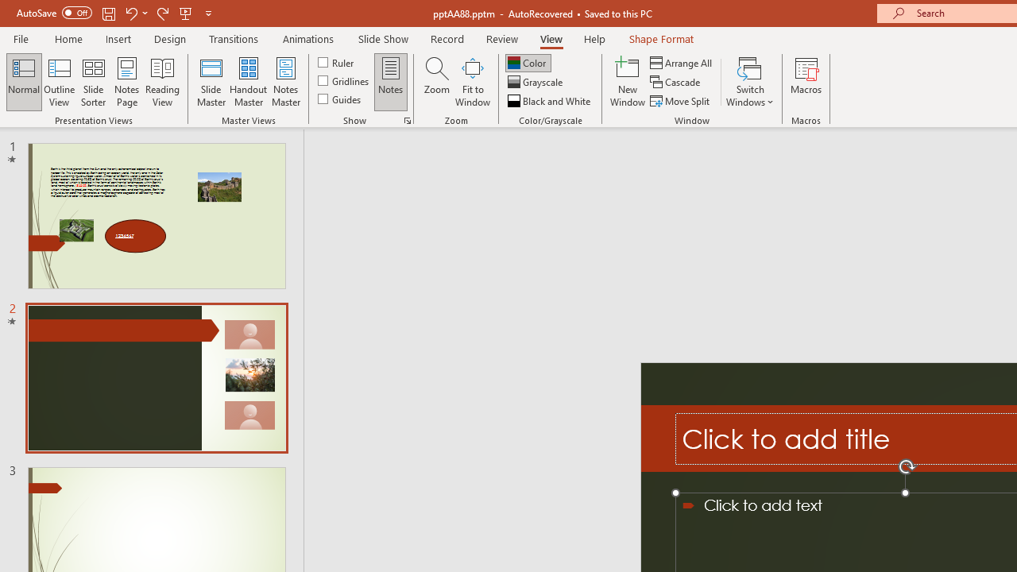 The image size is (1017, 572). Describe the element at coordinates (343, 80) in the screenshot. I see `'Gridlines'` at that location.